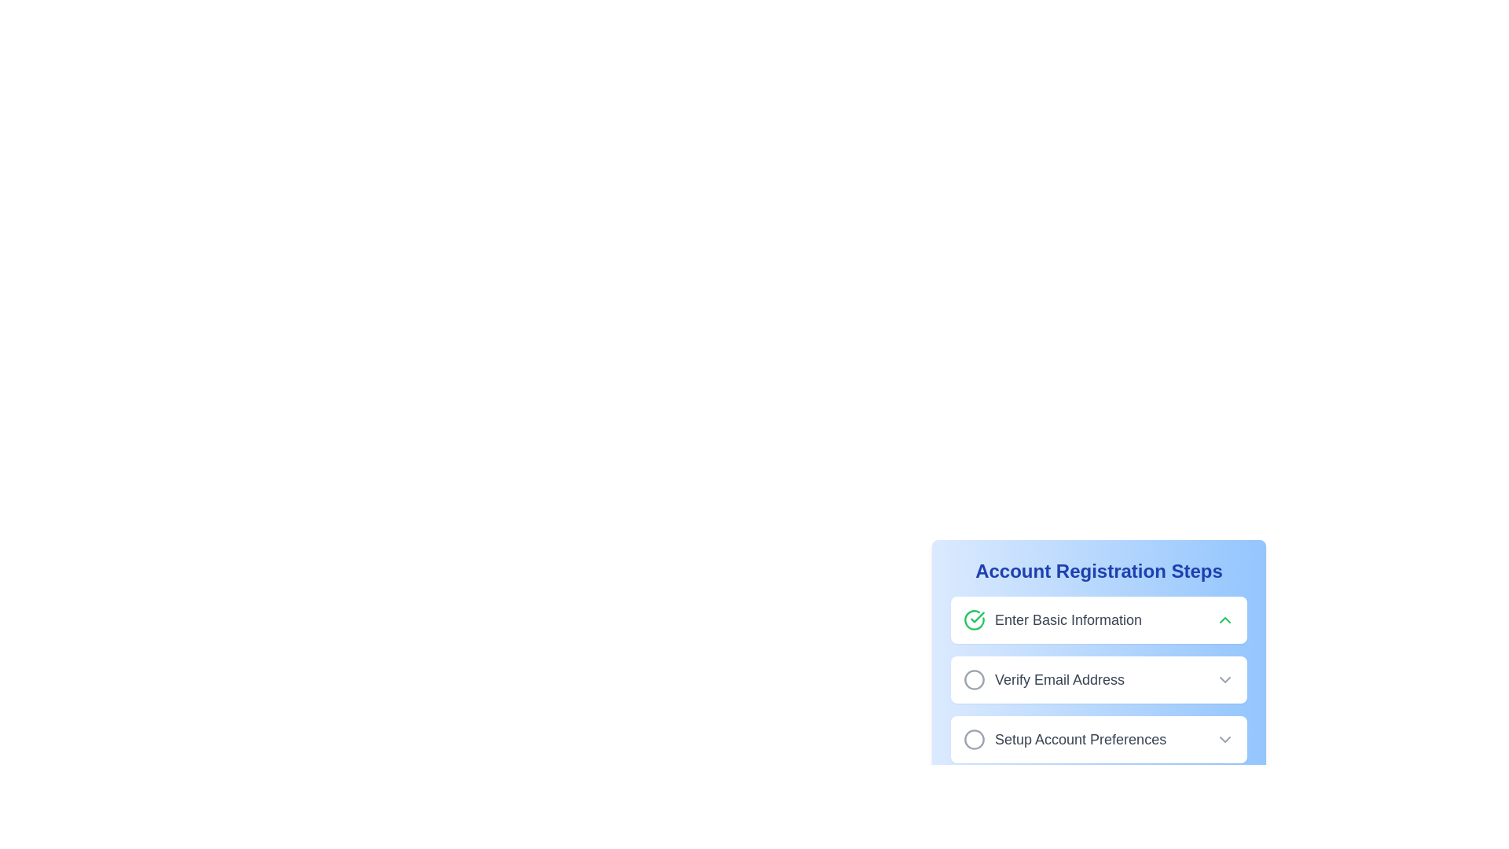 The width and height of the screenshot is (1509, 849). What do you see at coordinates (973, 678) in the screenshot?
I see `the circular gray icon with an outlined circle design, which is located to the left of the text 'Verify Email Address' and serves as an icon for this step in the list` at bounding box center [973, 678].